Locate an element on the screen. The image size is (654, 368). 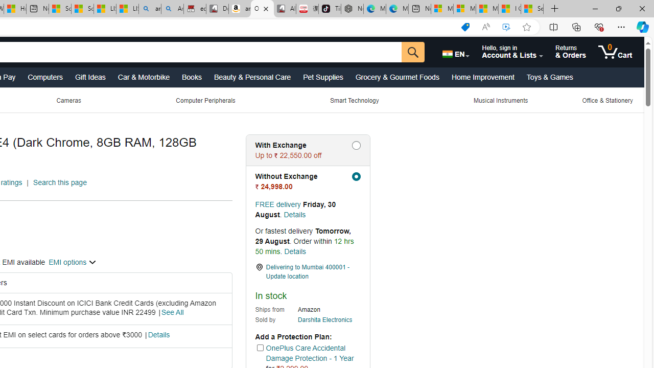
'TikTok' is located at coordinates (330, 9).